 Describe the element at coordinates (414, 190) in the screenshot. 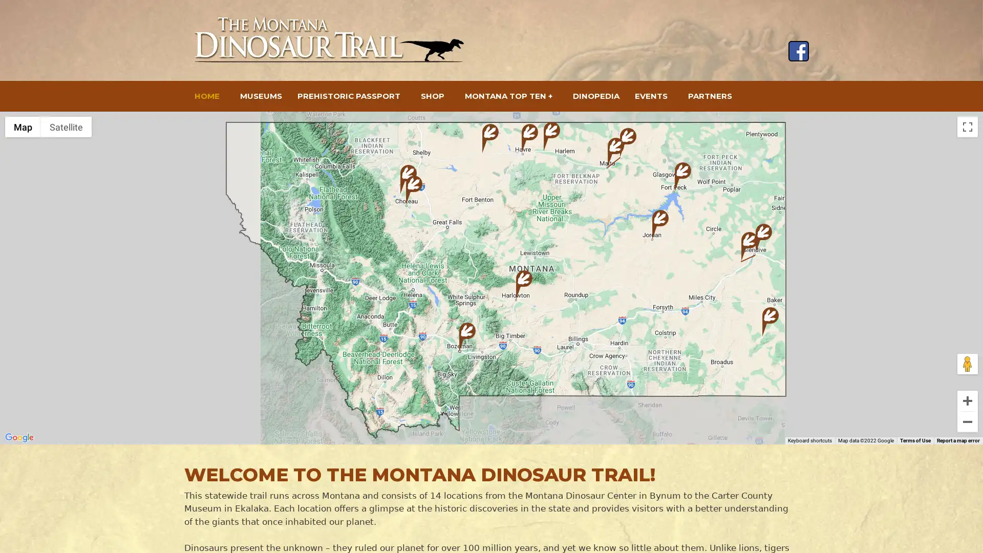

I see `Old Trail Museum` at that location.